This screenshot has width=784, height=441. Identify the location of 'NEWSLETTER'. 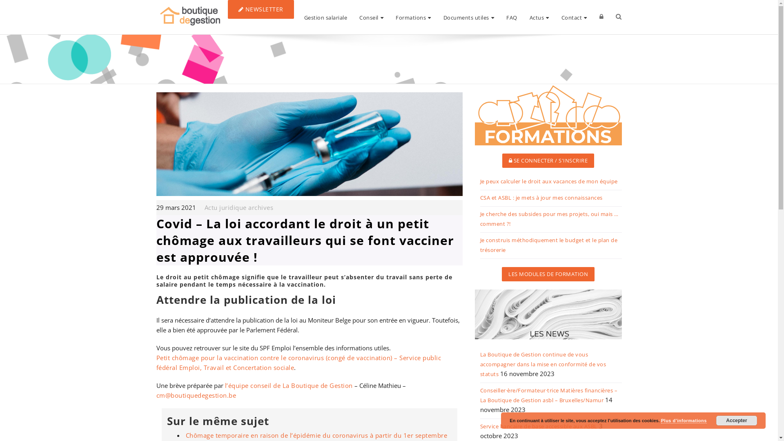
(227, 9).